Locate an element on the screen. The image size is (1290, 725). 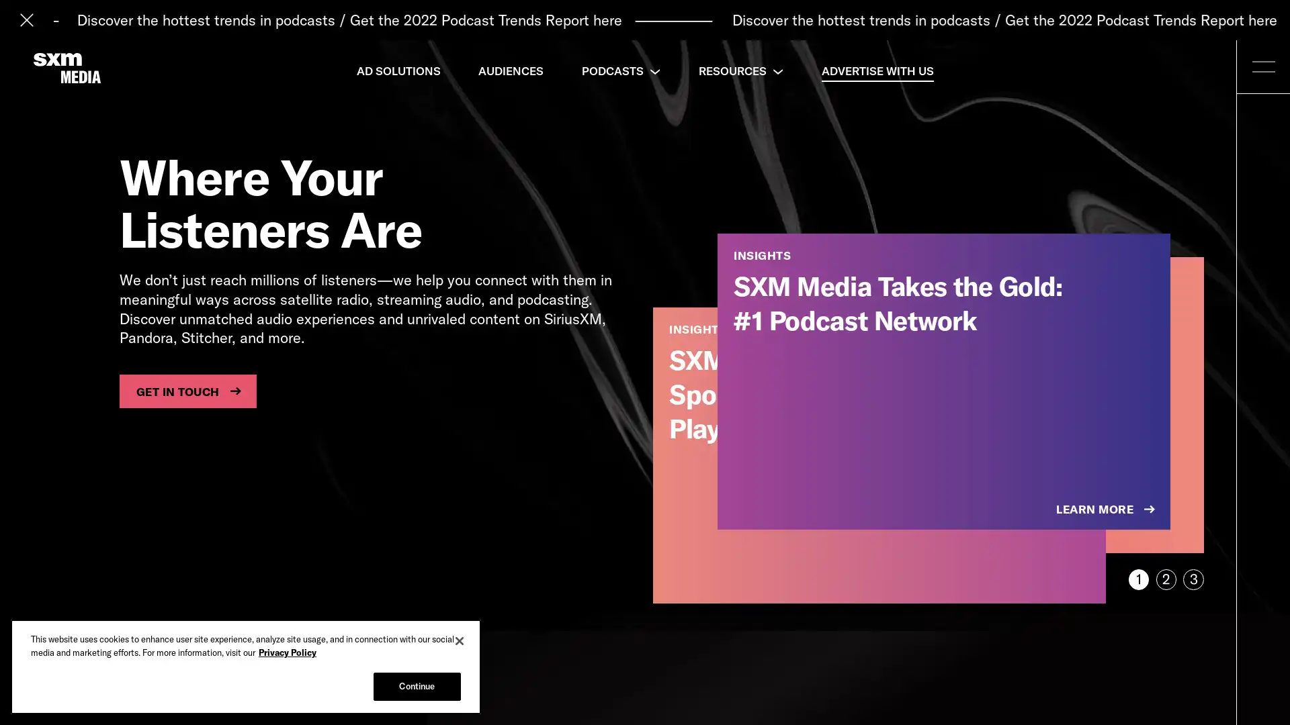
Continue is located at coordinates (416, 686).